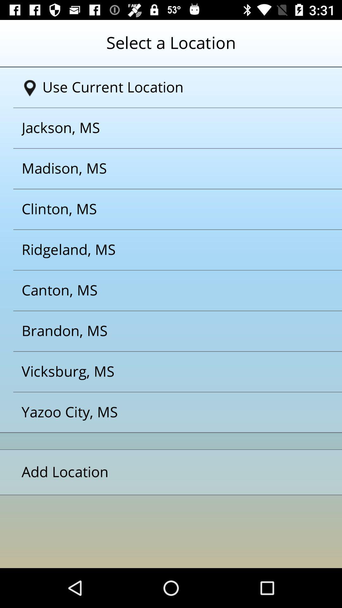 The width and height of the screenshot is (342, 608). I want to click on the button ridgelandms on the web page, so click(163, 250).